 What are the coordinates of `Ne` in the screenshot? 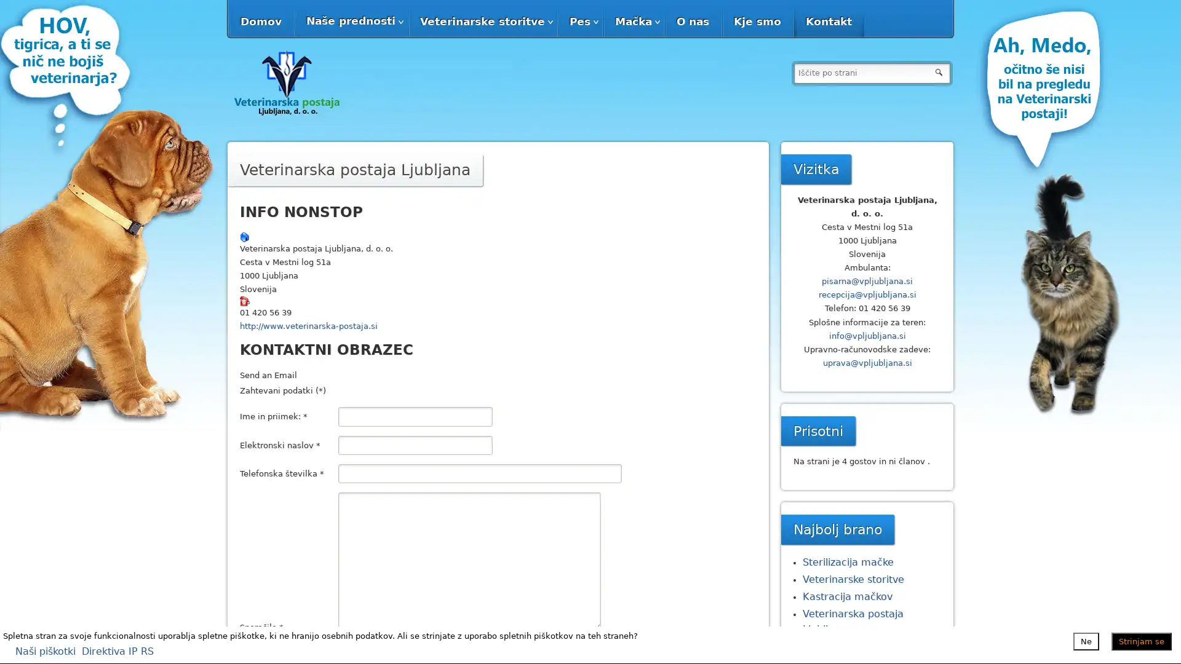 It's located at (1086, 640).